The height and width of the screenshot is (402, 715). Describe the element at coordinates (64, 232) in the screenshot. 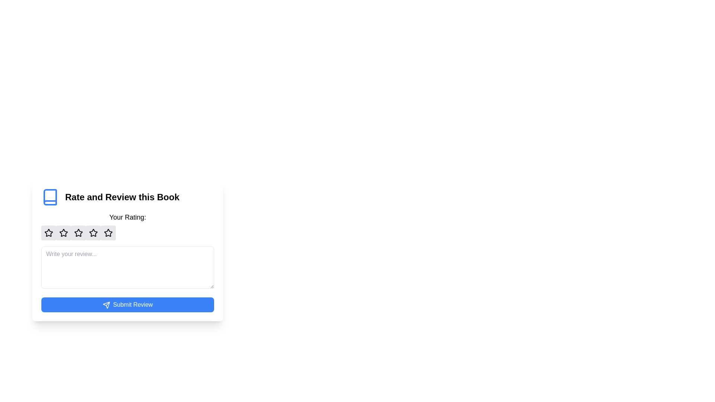

I see `the second button in the row of star buttons` at that location.